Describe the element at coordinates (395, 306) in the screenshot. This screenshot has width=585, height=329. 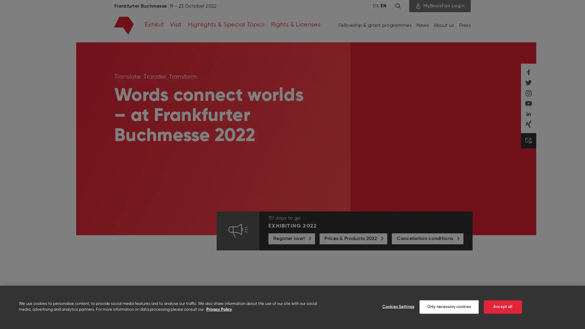
I see `Cookies Settings` at that location.